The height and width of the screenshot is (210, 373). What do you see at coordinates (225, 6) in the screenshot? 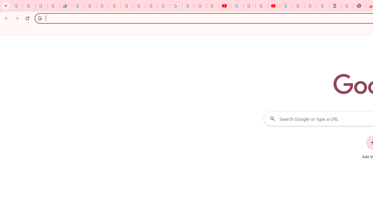
I see `'YouTube'` at bounding box center [225, 6].